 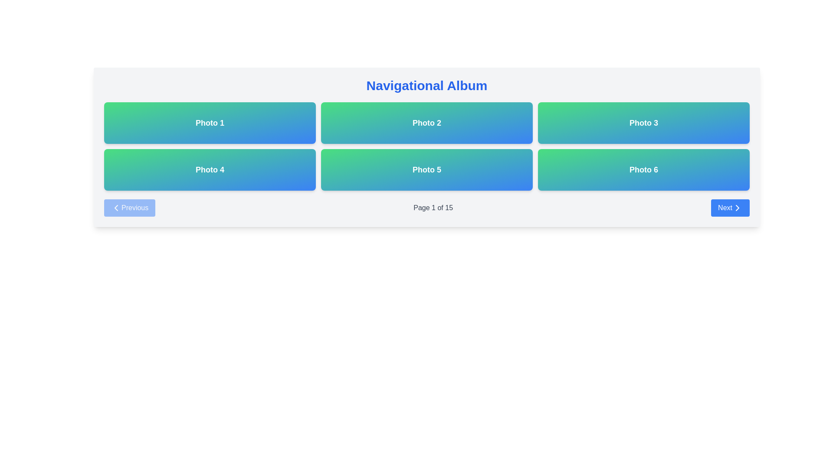 I want to click on the button labeled 'Photo 4', which is the first item in the second row of a grid layout, located directly beneath 'Photo 1', so click(x=210, y=170).